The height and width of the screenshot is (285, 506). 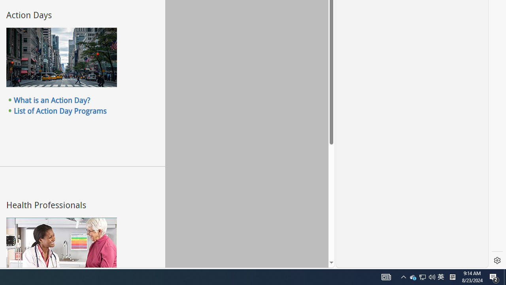 What do you see at coordinates (51, 100) in the screenshot?
I see `'What is an Action Day?'` at bounding box center [51, 100].